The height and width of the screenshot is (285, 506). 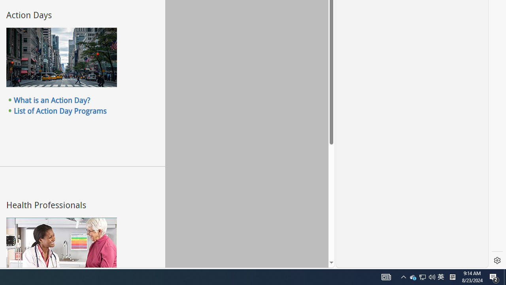 What do you see at coordinates (51, 100) in the screenshot?
I see `'What is an Action Day?'` at bounding box center [51, 100].